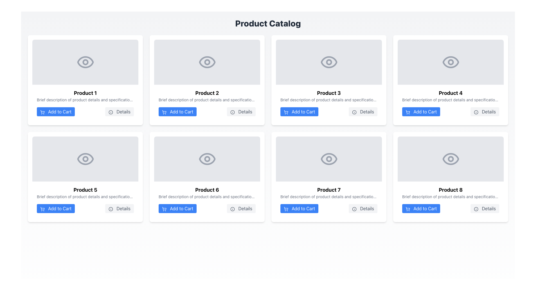 This screenshot has height=304, width=540. Describe the element at coordinates (421, 112) in the screenshot. I see `the 'Add to Cart' button located in the fourth column of the grid layout beneath 'Product 4'` at that location.